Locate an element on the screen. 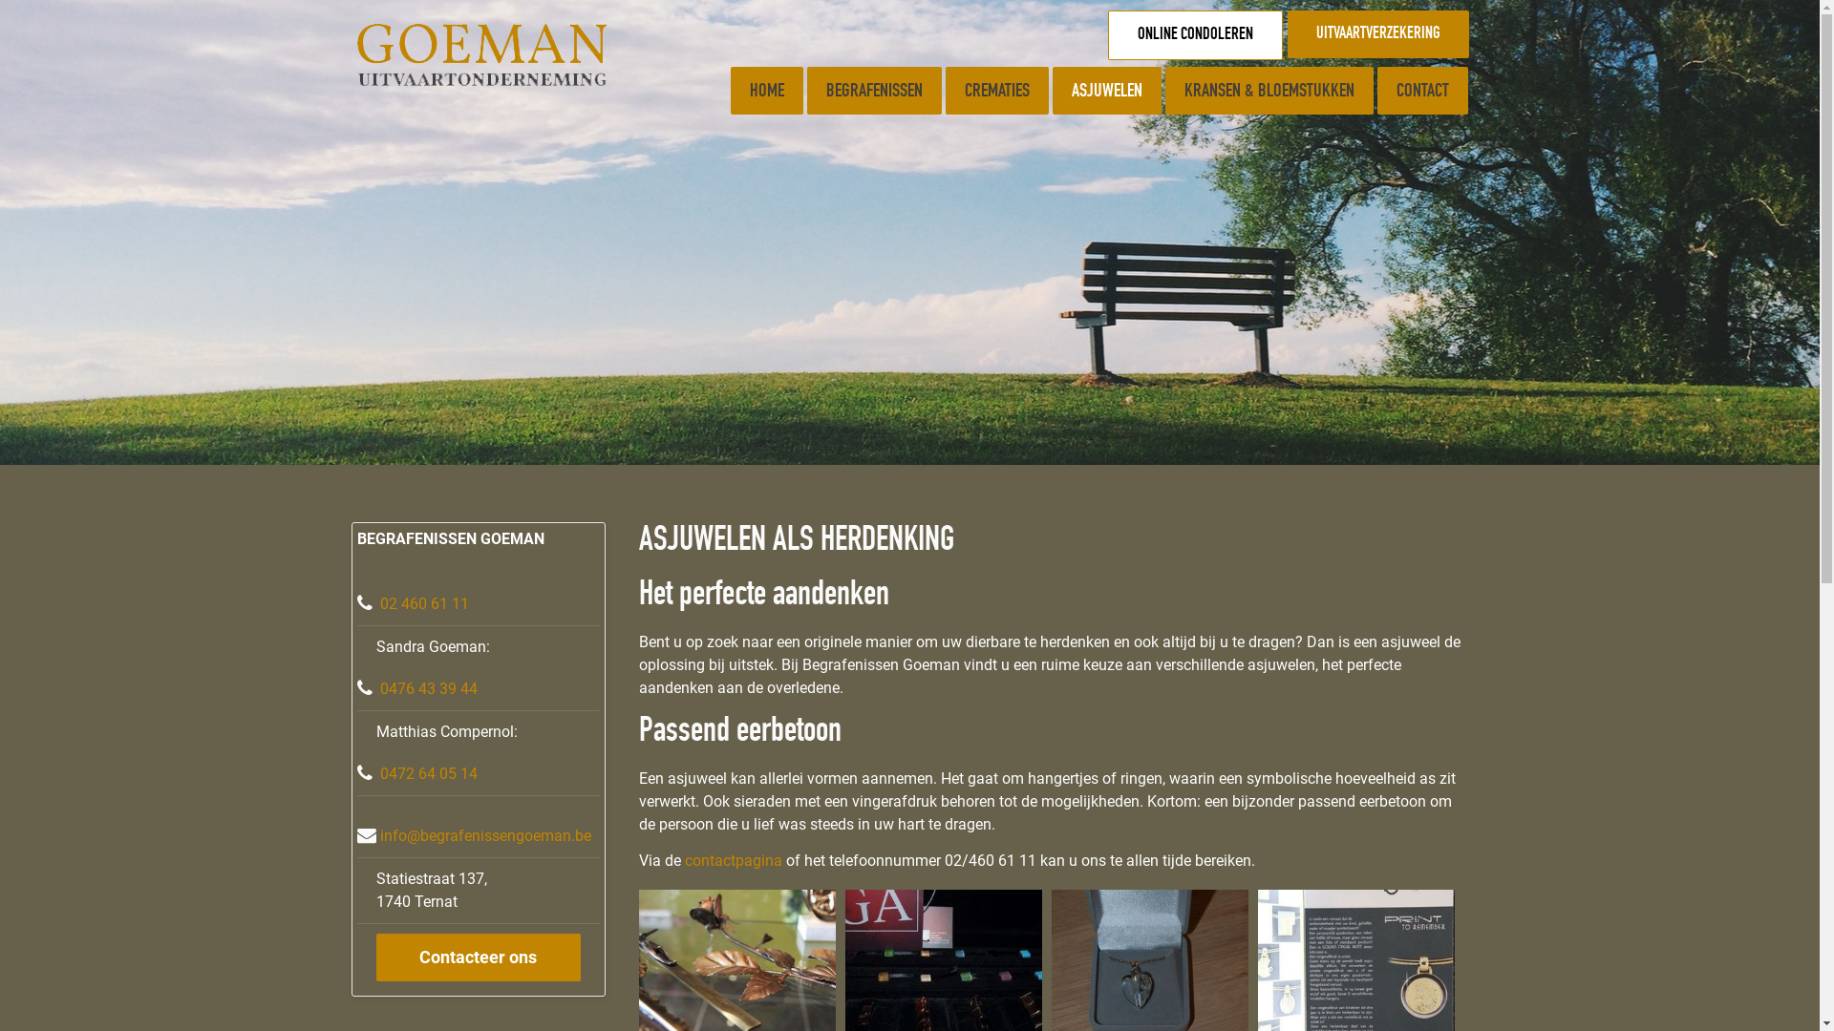 The height and width of the screenshot is (1031, 1834). 'ASJUWELEN' is located at coordinates (1106, 91).